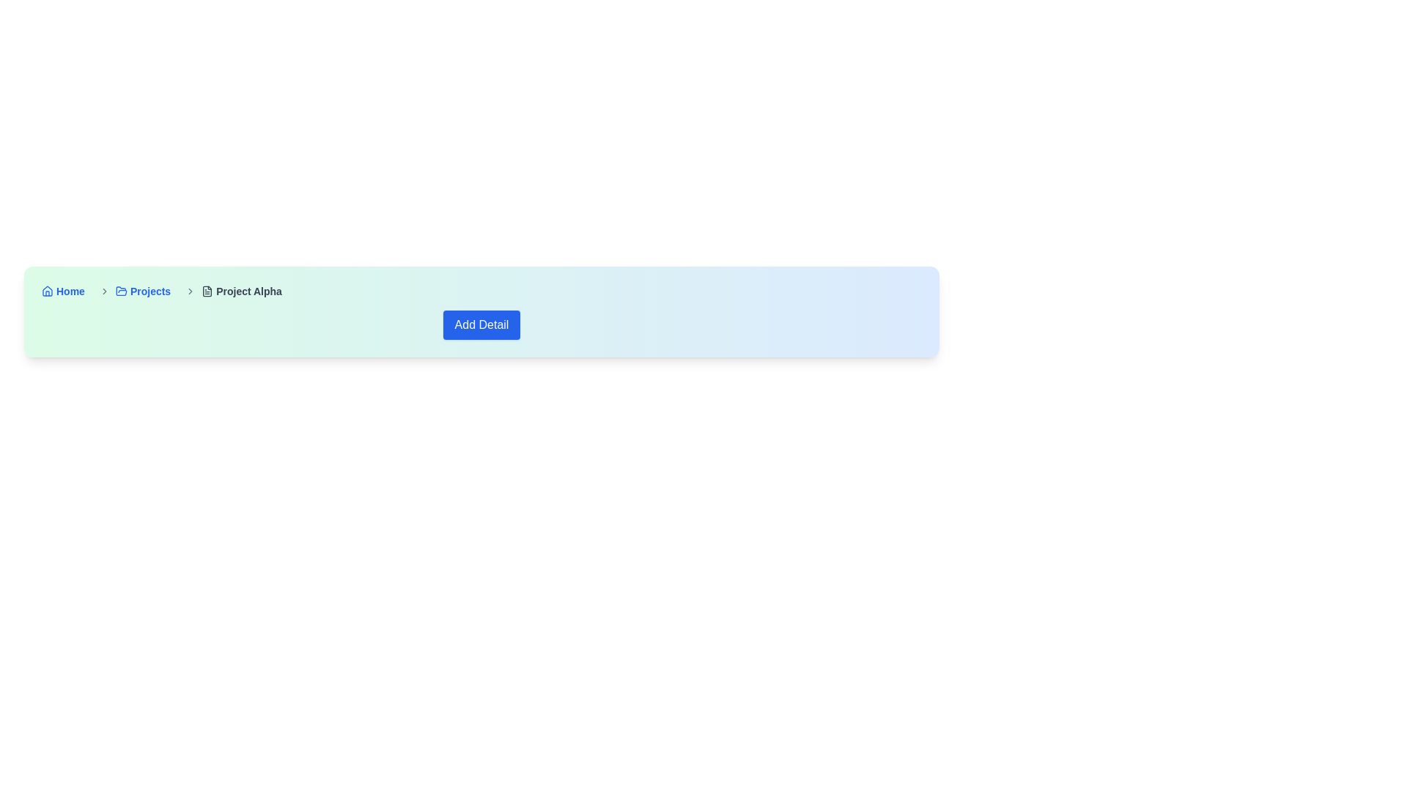  I want to click on the decorative icon next to the 'Projects' text, which serves as a navigation link, so click(121, 291).